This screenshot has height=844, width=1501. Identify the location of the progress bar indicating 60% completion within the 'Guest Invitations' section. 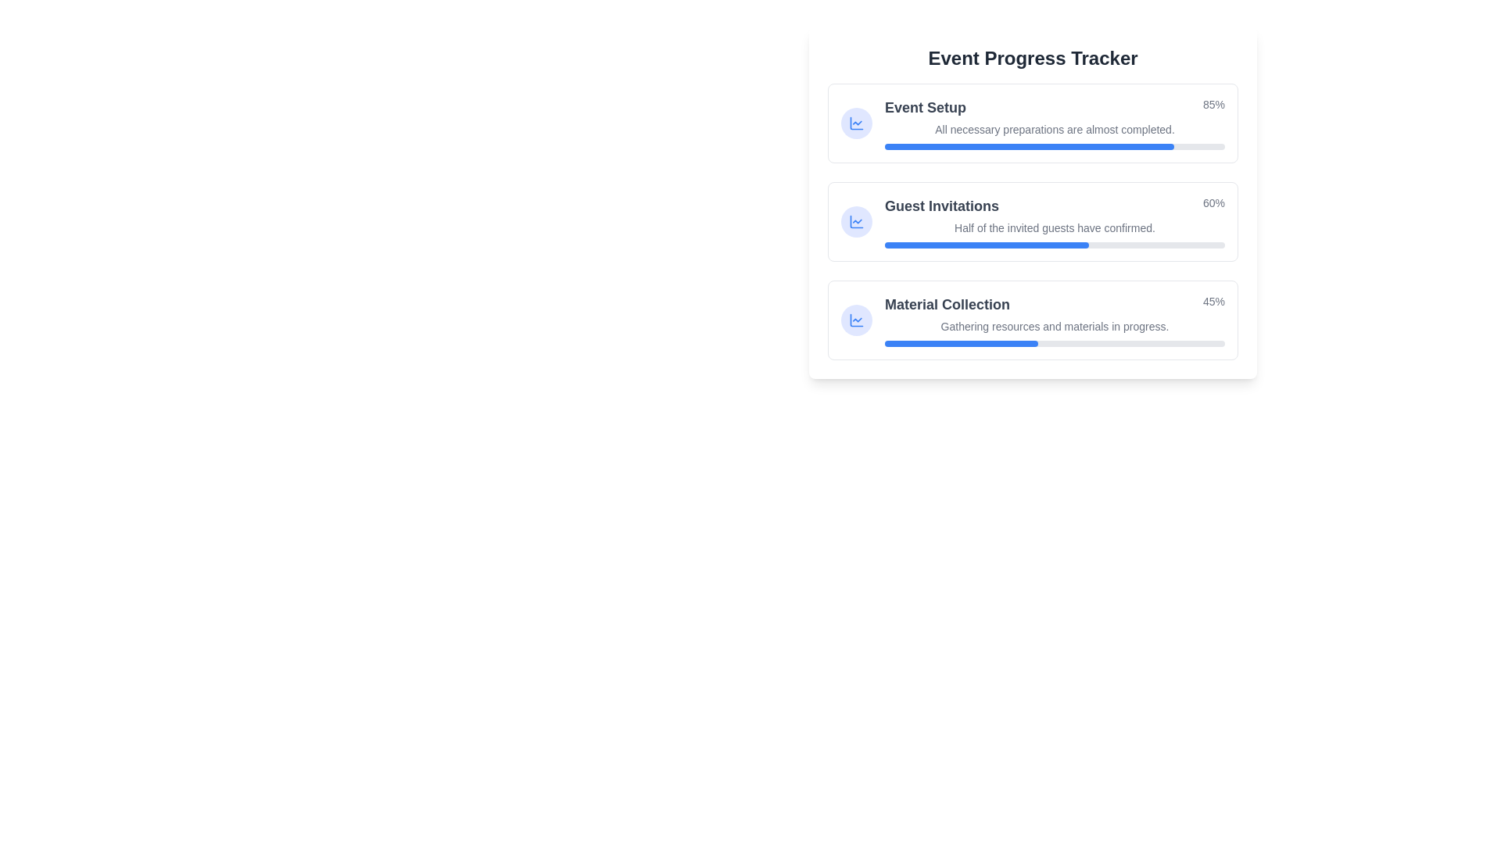
(986, 245).